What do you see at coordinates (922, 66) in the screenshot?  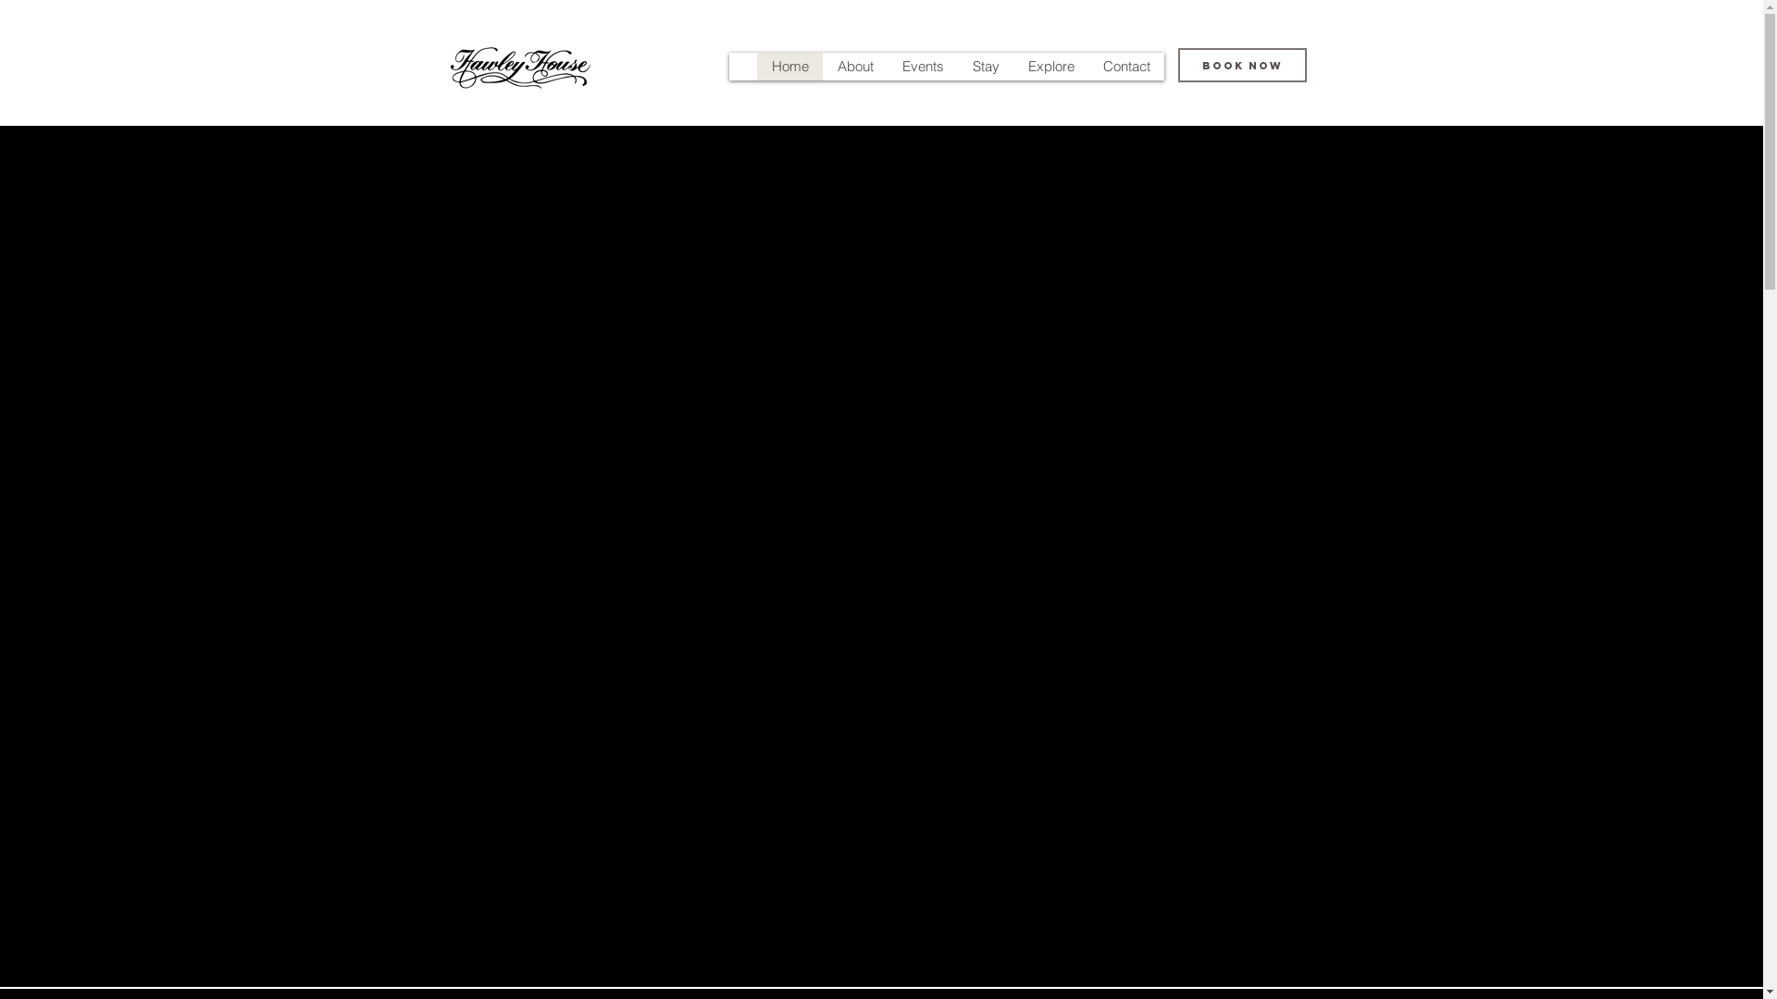 I see `'Events'` at bounding box center [922, 66].